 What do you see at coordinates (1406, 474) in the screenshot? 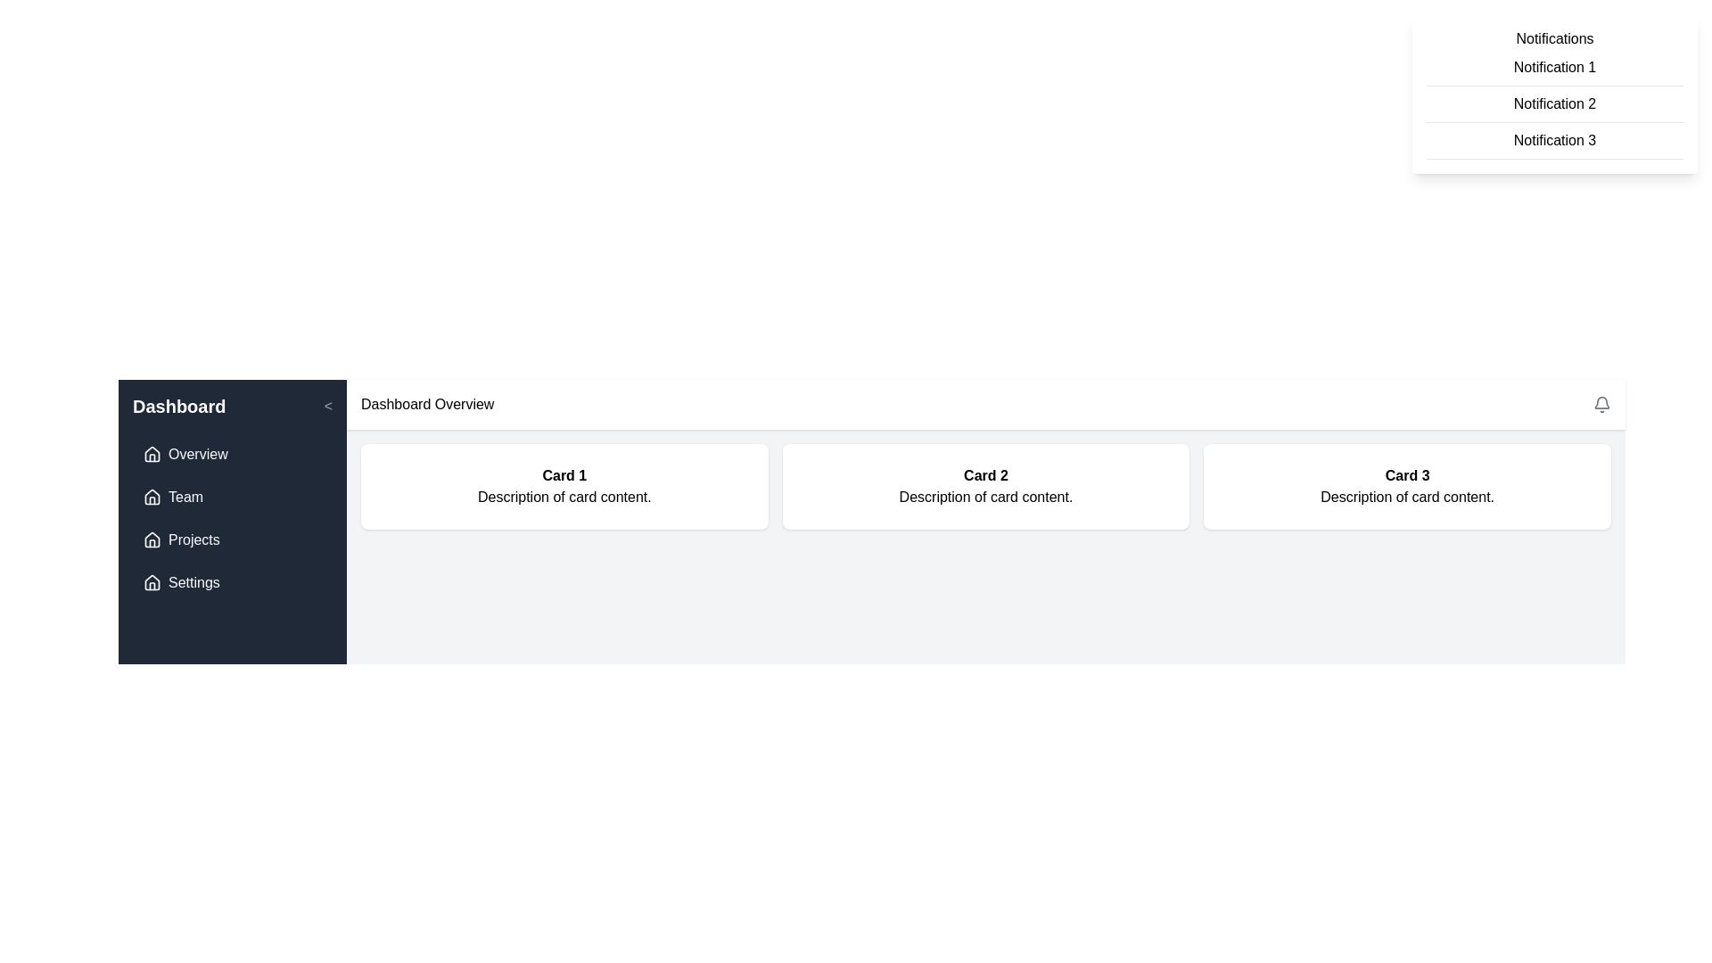
I see `text of the title or label of the third card, which is positioned at the top of the card above the description text` at bounding box center [1406, 474].